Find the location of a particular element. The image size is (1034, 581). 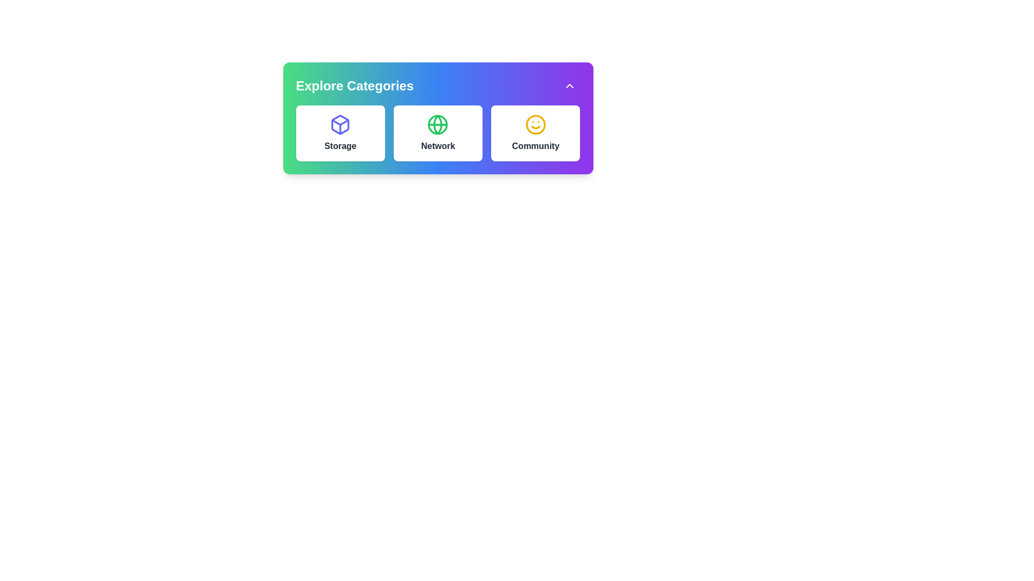

the upward-pointing chevron icon button that changes to white with a gray chevron upon hover, located on the right side of the header section labeled 'Explore Categories' is located at coordinates (569, 85).